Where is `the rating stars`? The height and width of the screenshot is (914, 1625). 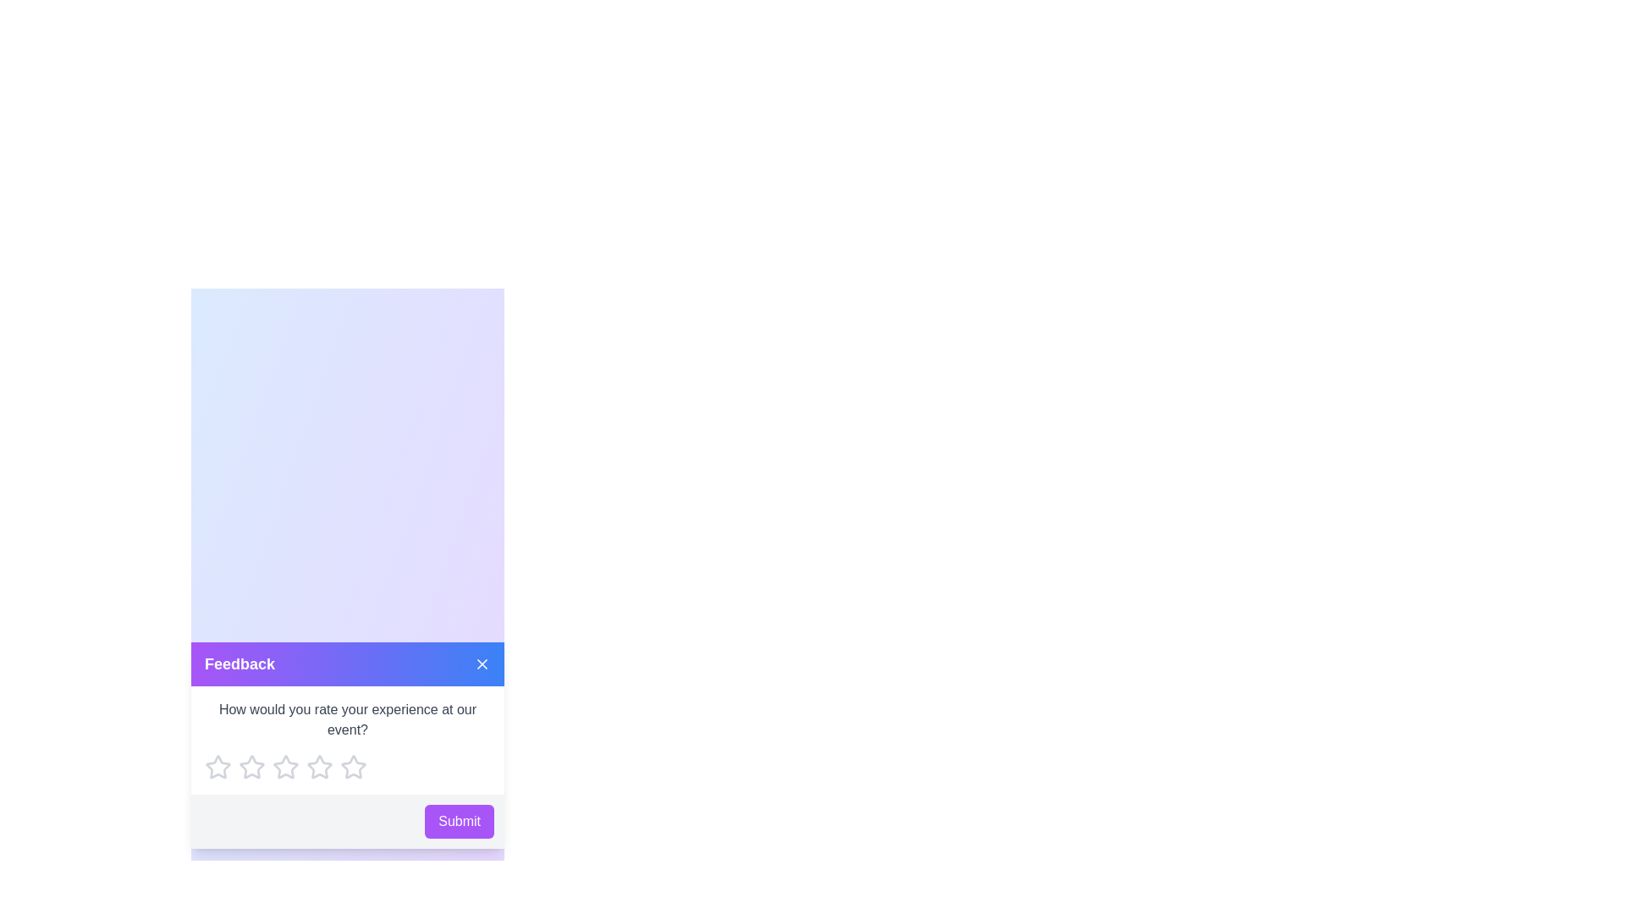
the rating stars is located at coordinates (347, 740).